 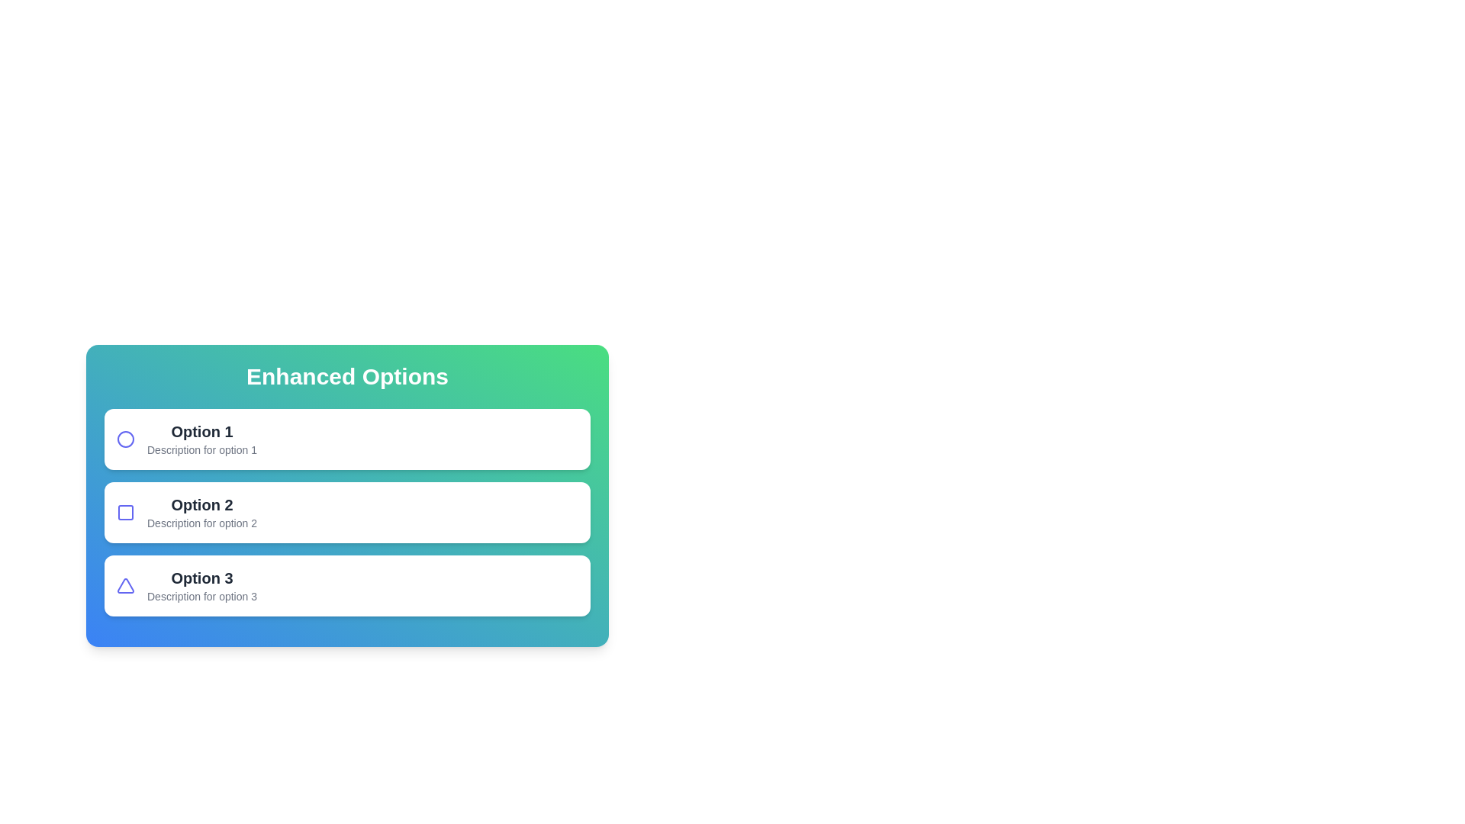 What do you see at coordinates (201, 449) in the screenshot?
I see `the static text label that provides a descriptive text for the associated option located below the title 'Option 1' in the first entry of the vertically stacked list` at bounding box center [201, 449].